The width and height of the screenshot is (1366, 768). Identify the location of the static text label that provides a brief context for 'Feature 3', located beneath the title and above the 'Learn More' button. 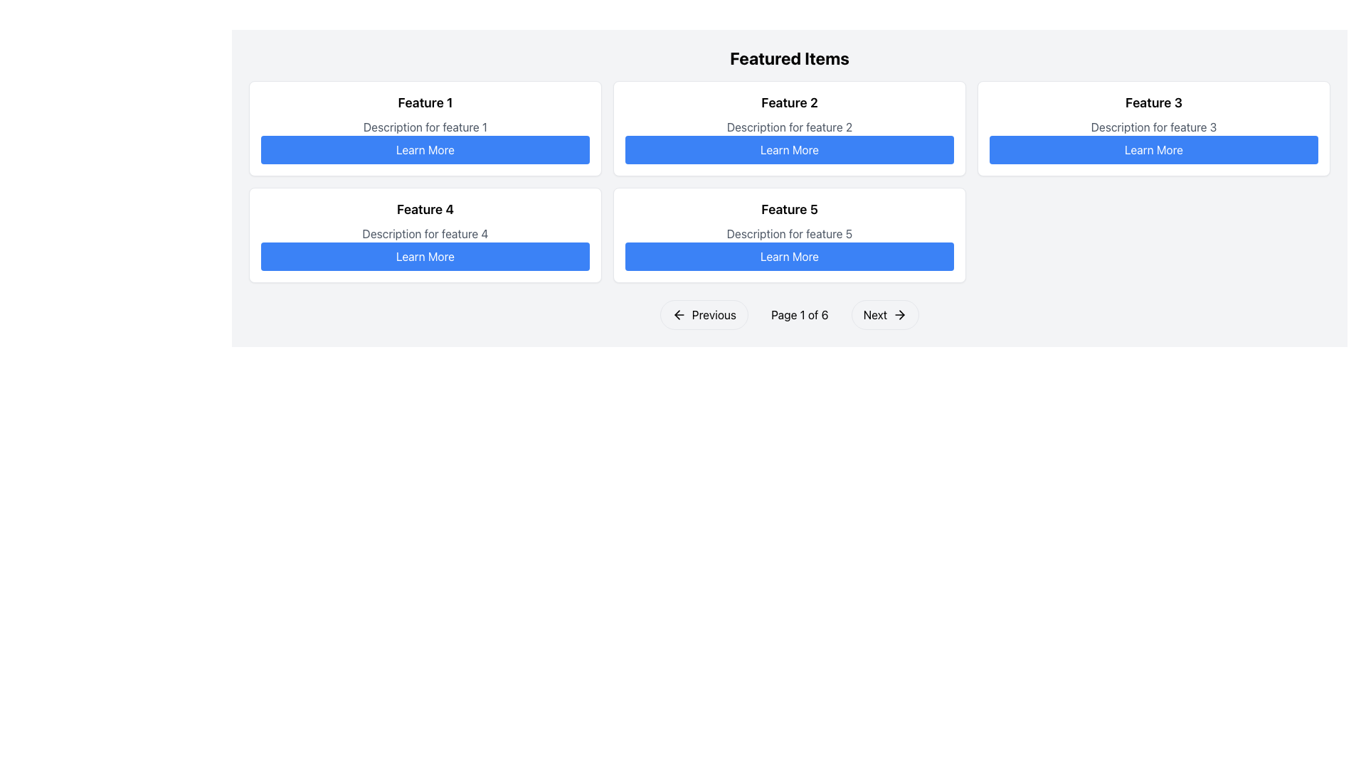
(1154, 126).